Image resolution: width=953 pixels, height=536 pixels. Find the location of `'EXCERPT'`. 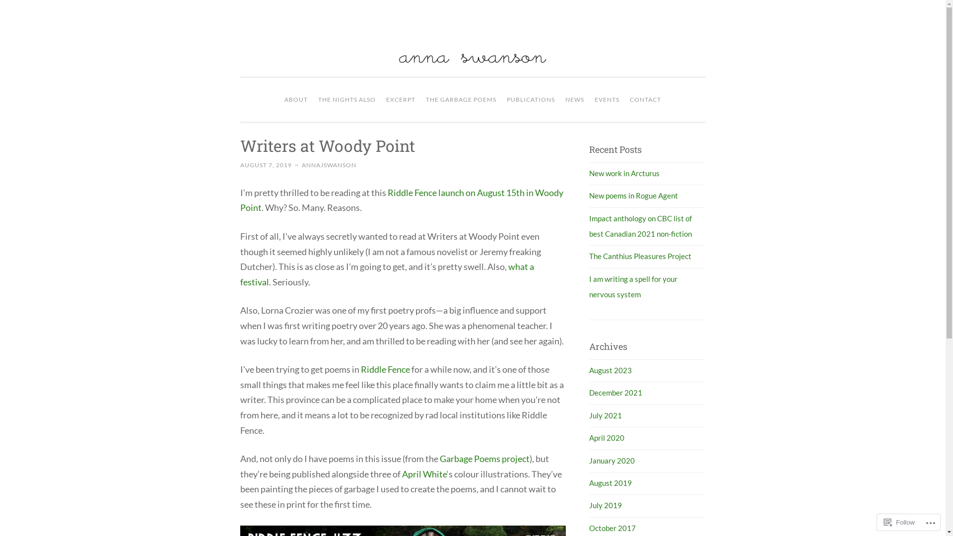

'EXCERPT' is located at coordinates (401, 99).